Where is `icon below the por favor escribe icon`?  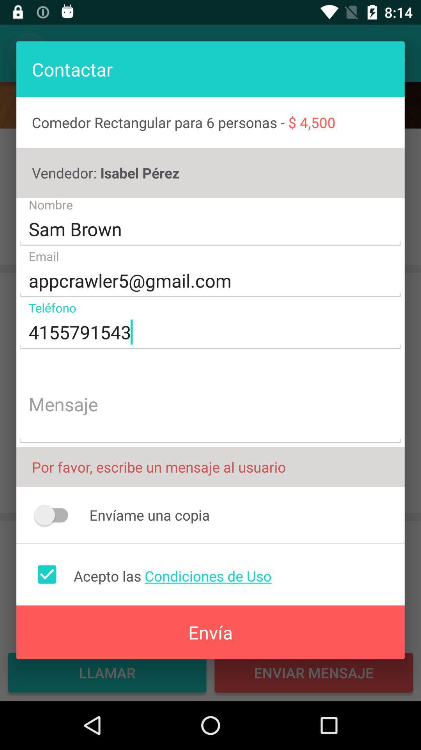 icon below the por favor escribe icon is located at coordinates (55, 515).